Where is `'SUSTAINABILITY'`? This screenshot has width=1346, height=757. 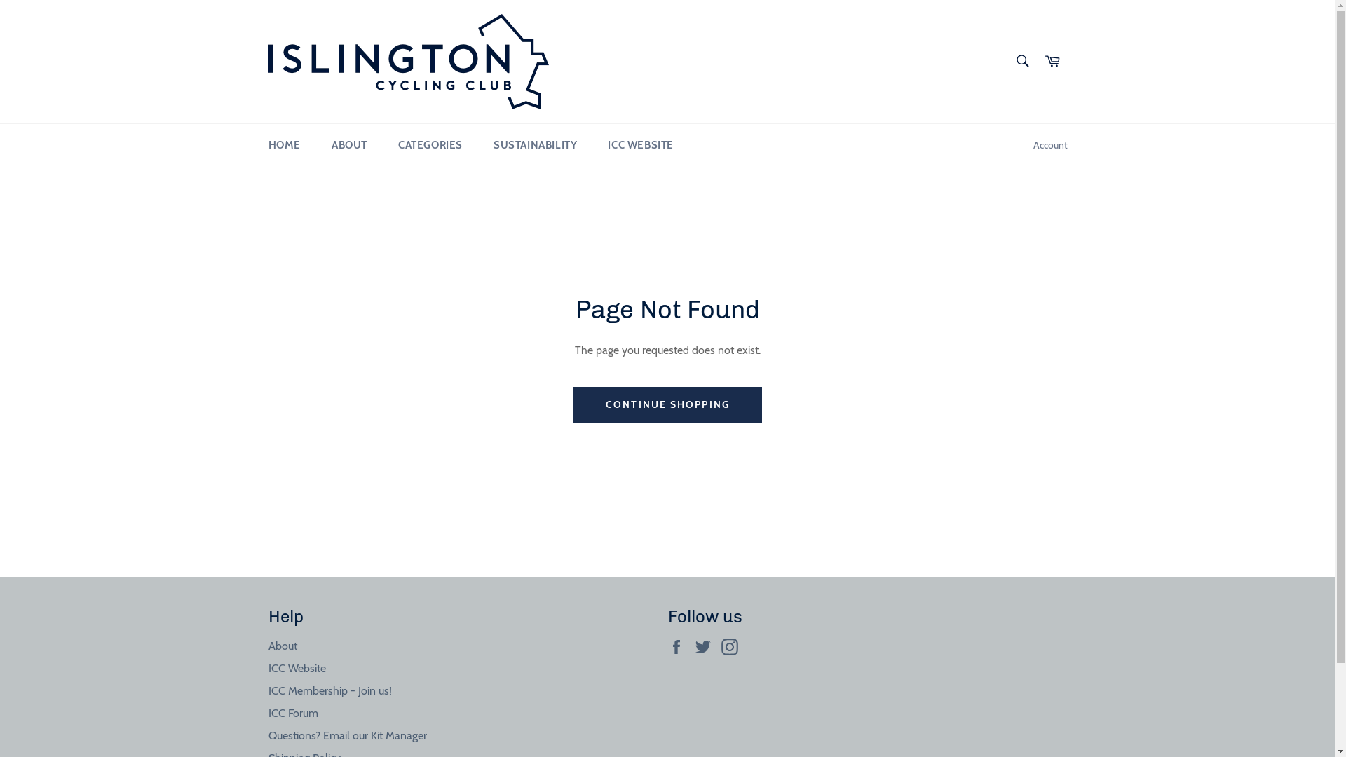
'SUSTAINABILITY' is located at coordinates (534, 145).